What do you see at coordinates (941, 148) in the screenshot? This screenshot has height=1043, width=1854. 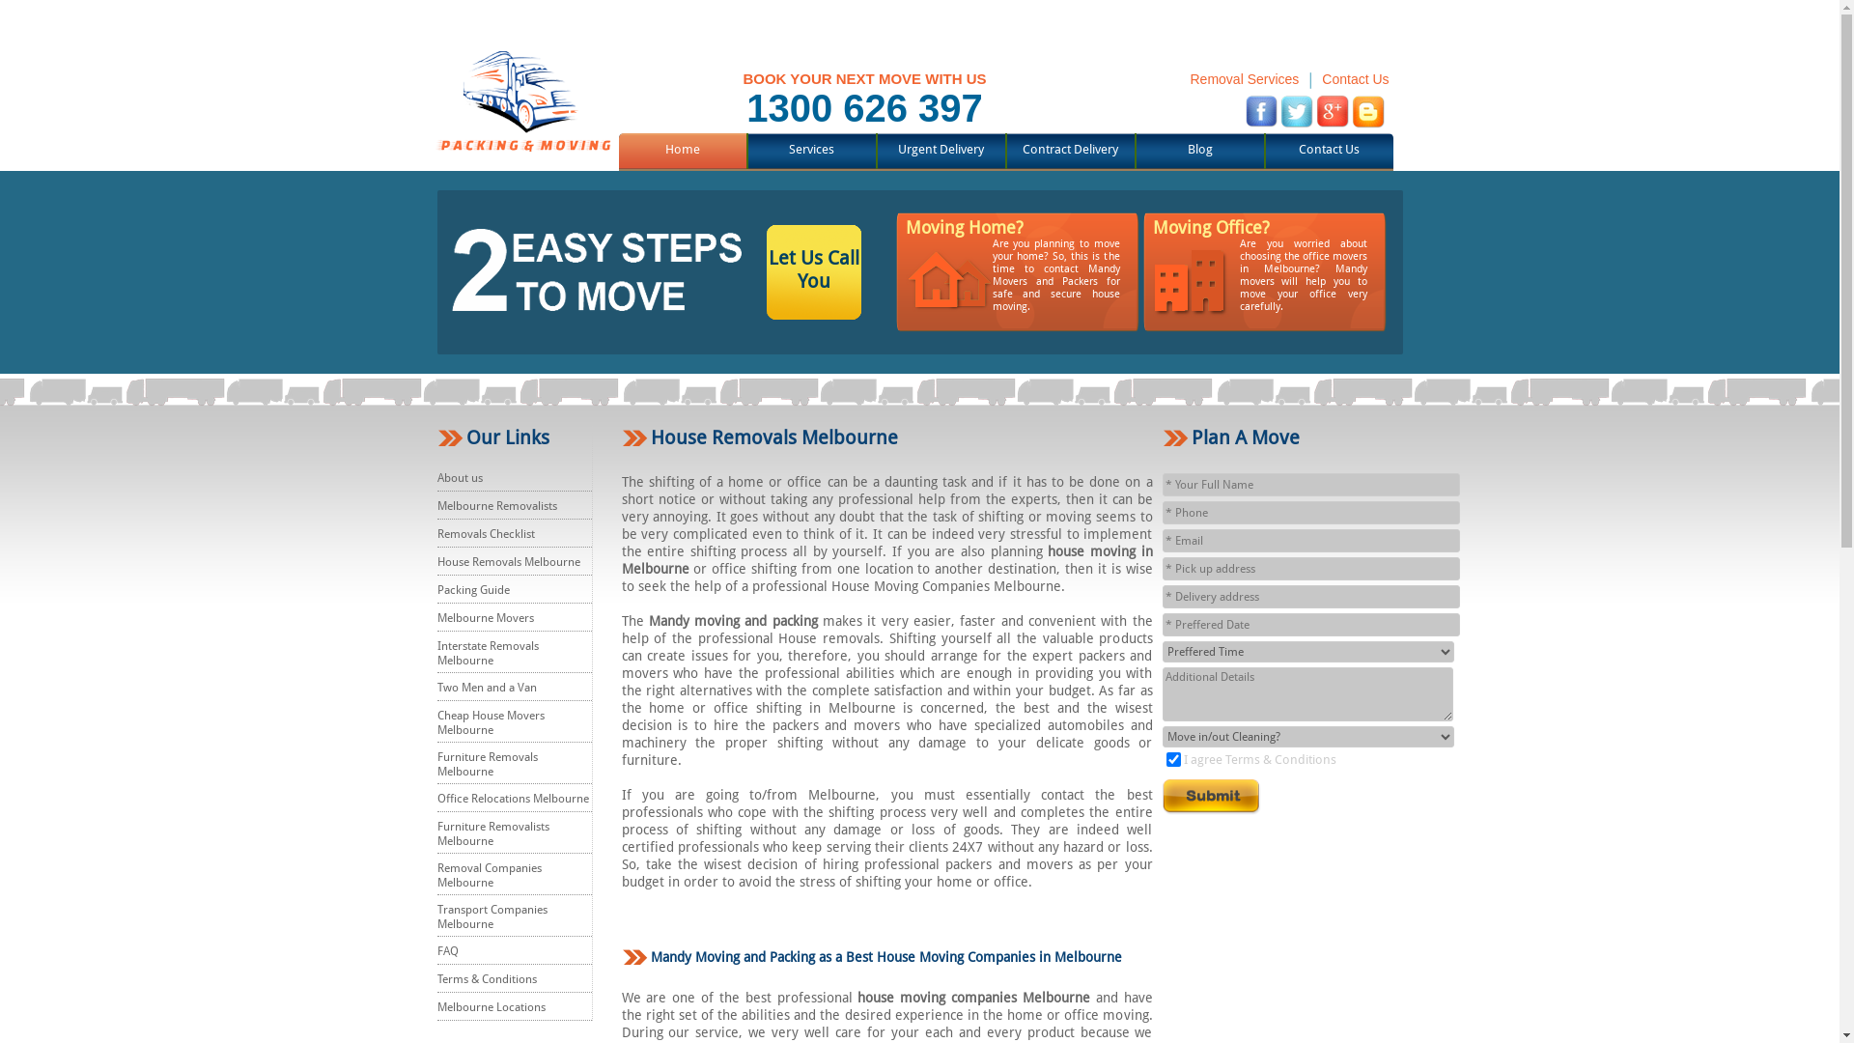 I see `'Urgent Delivery'` at bounding box center [941, 148].